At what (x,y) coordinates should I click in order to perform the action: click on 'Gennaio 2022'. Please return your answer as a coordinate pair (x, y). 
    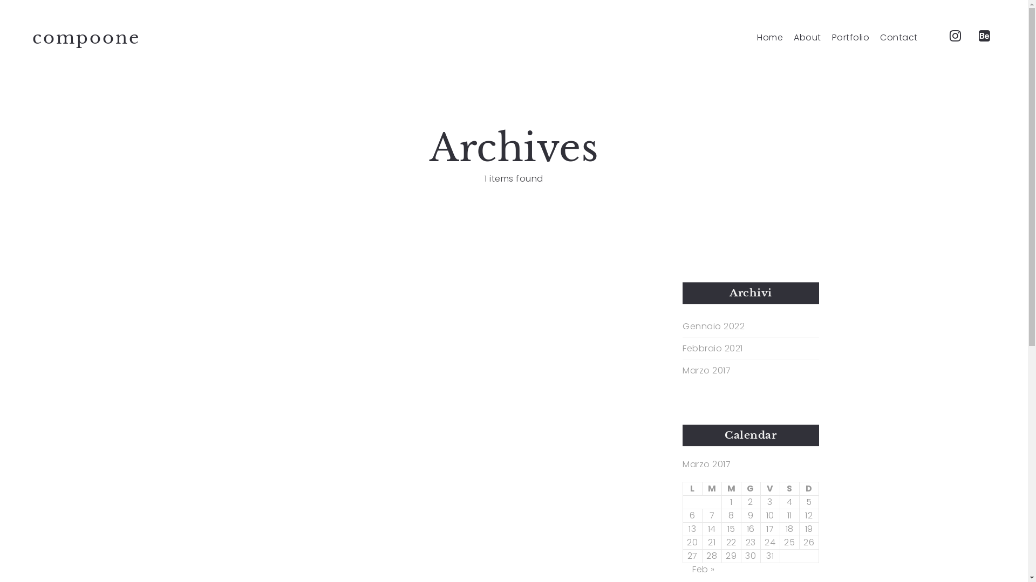
    Looking at the image, I should click on (682, 325).